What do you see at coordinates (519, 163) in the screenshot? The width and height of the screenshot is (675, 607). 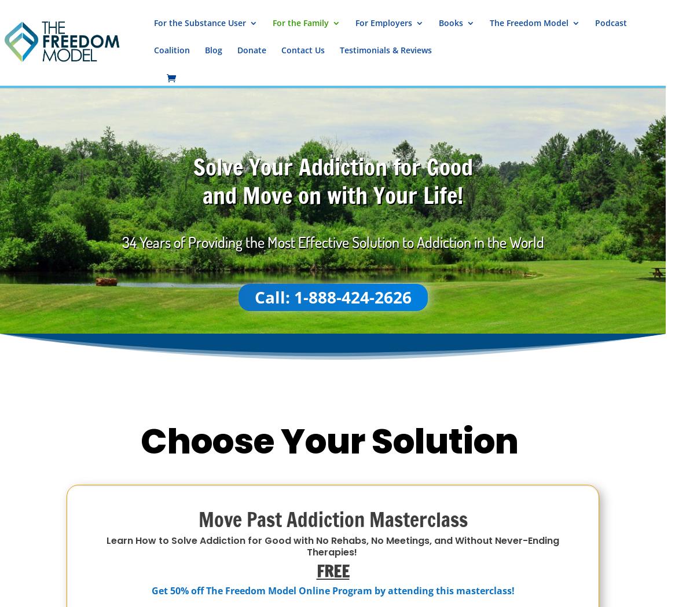 I see `'Freedom Model FREE E-Books'` at bounding box center [519, 163].